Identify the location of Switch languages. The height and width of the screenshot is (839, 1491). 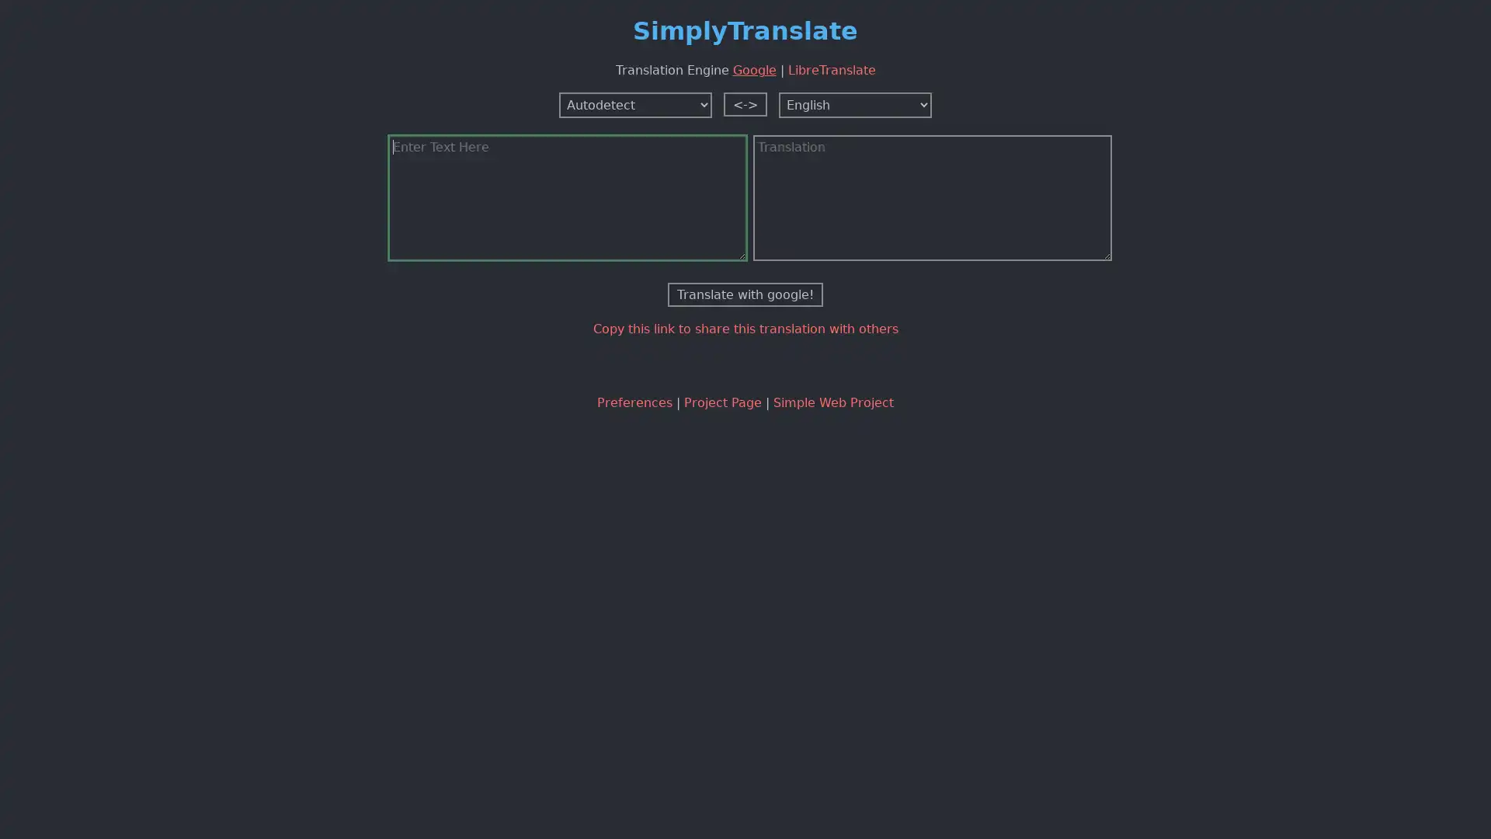
(745, 103).